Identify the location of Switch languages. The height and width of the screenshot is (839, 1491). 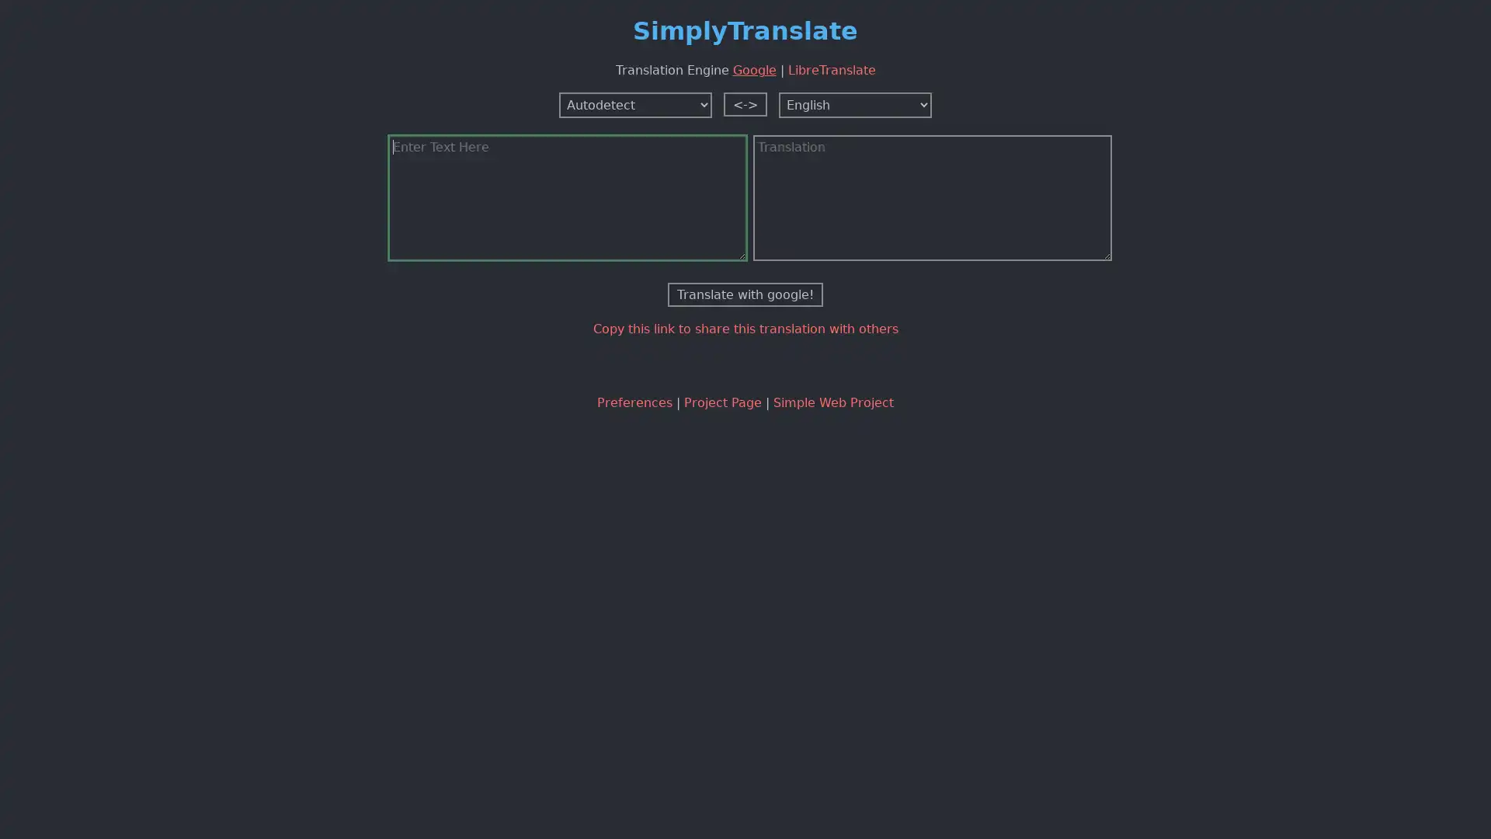
(745, 103).